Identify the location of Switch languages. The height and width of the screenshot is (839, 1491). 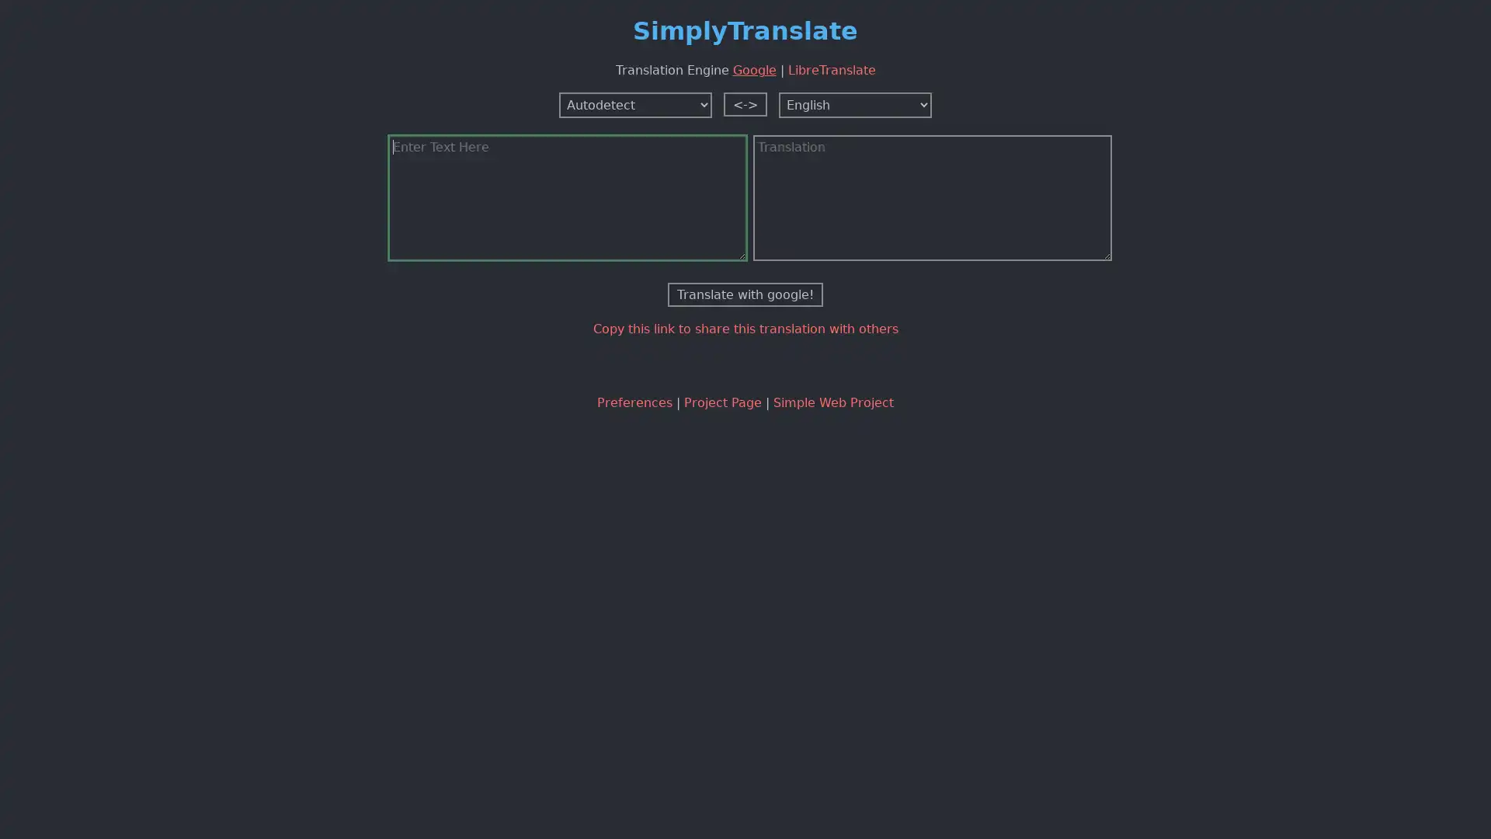
(745, 103).